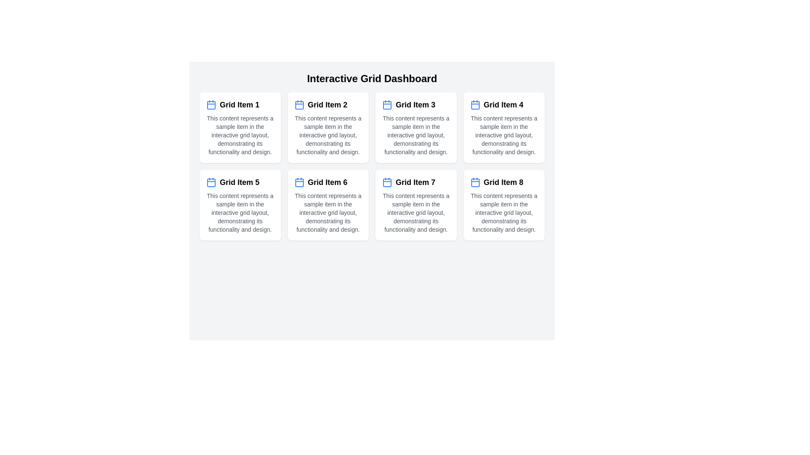 This screenshot has width=810, height=455. Describe the element at coordinates (386, 182) in the screenshot. I see `the calendar icon located at the upper left section of 'Grid Item 7' in the second row and third column of the grid layout` at that location.